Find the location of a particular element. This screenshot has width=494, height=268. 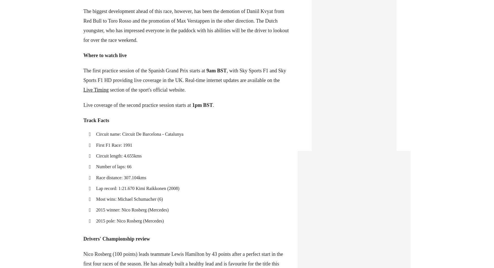

'The biggest development ahead of this race, however, has been the demotion of Daniil Kvyat from Red Bull to Toro Rosso and the promotion of Max Verstappen in the other direction. The Dutch youngster, who has impressed everyone in the paddock with his abilities will be the driver to lookout for over the race weekend.' is located at coordinates (186, 26).